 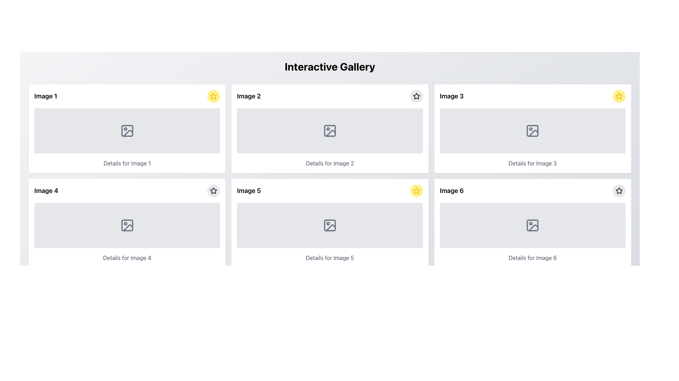 I want to click on the text element labeled 'Image 6', which serves as the title for the sixth image in the gallery layout, located above the interactive button and associated image, so click(x=451, y=190).